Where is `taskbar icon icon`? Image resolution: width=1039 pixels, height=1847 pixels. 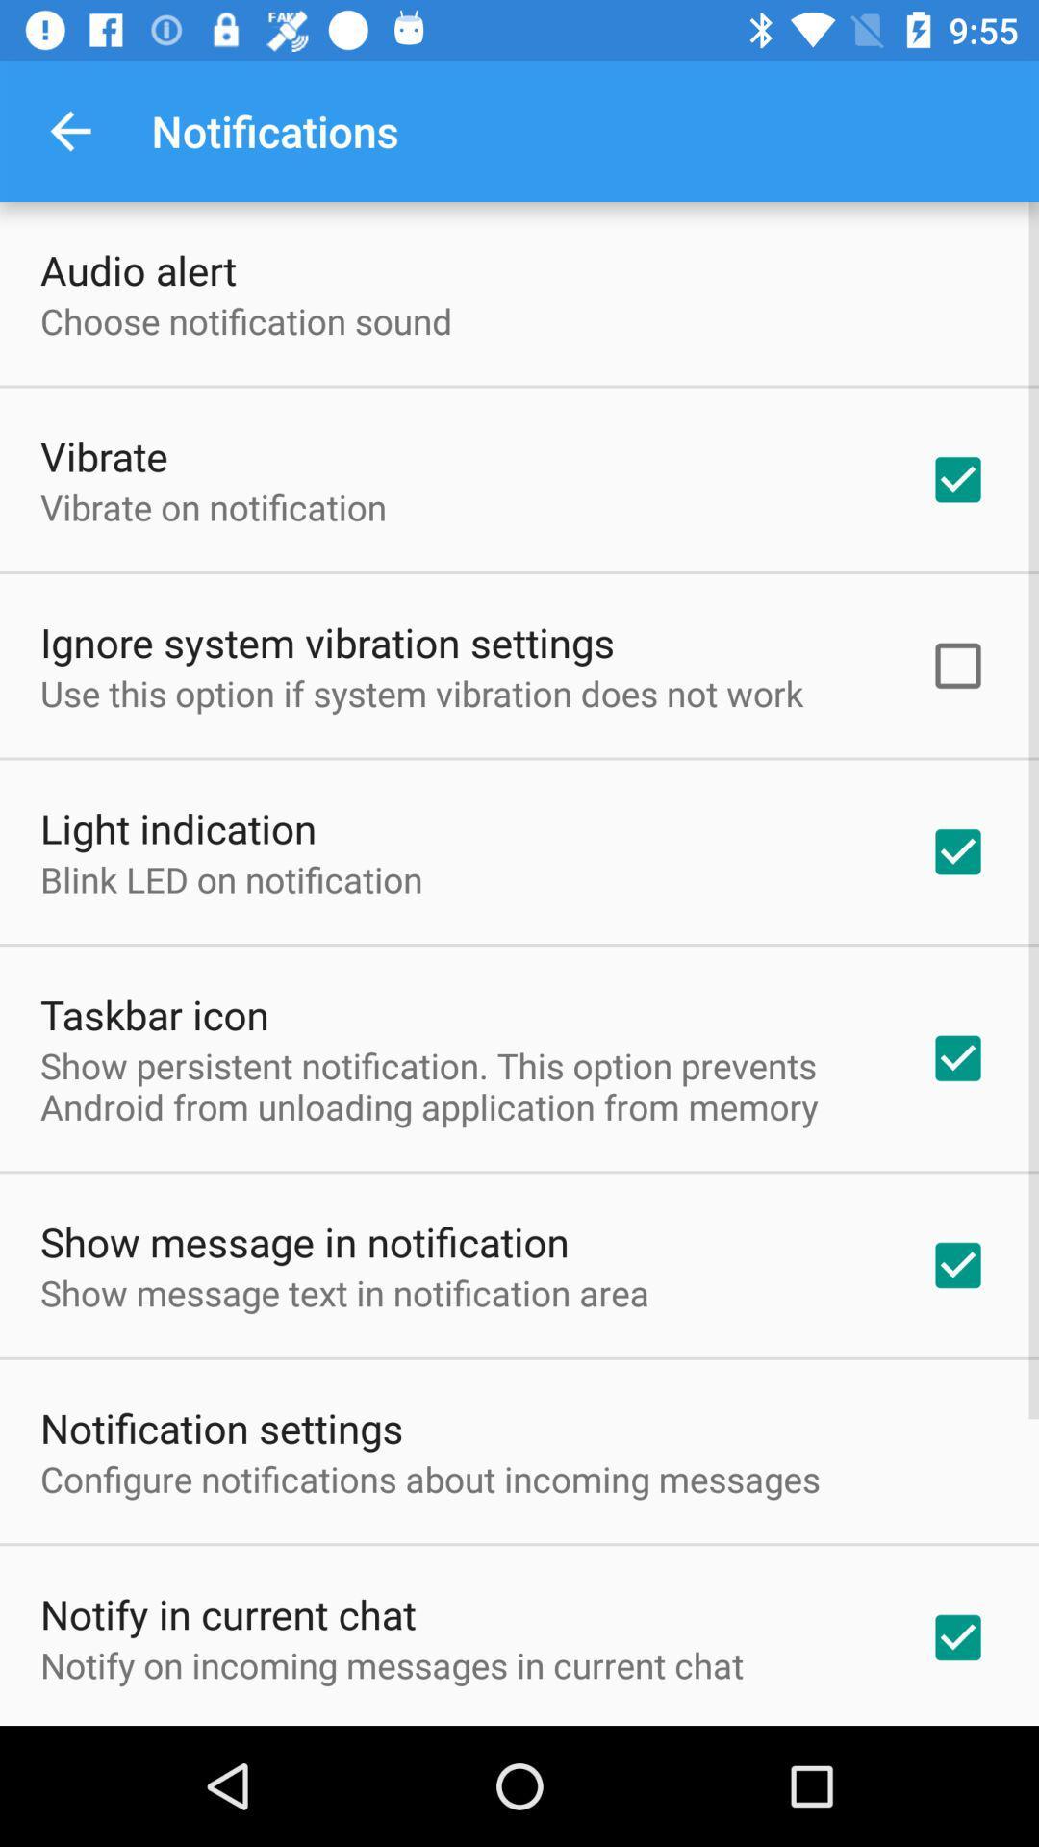 taskbar icon icon is located at coordinates (153, 1013).